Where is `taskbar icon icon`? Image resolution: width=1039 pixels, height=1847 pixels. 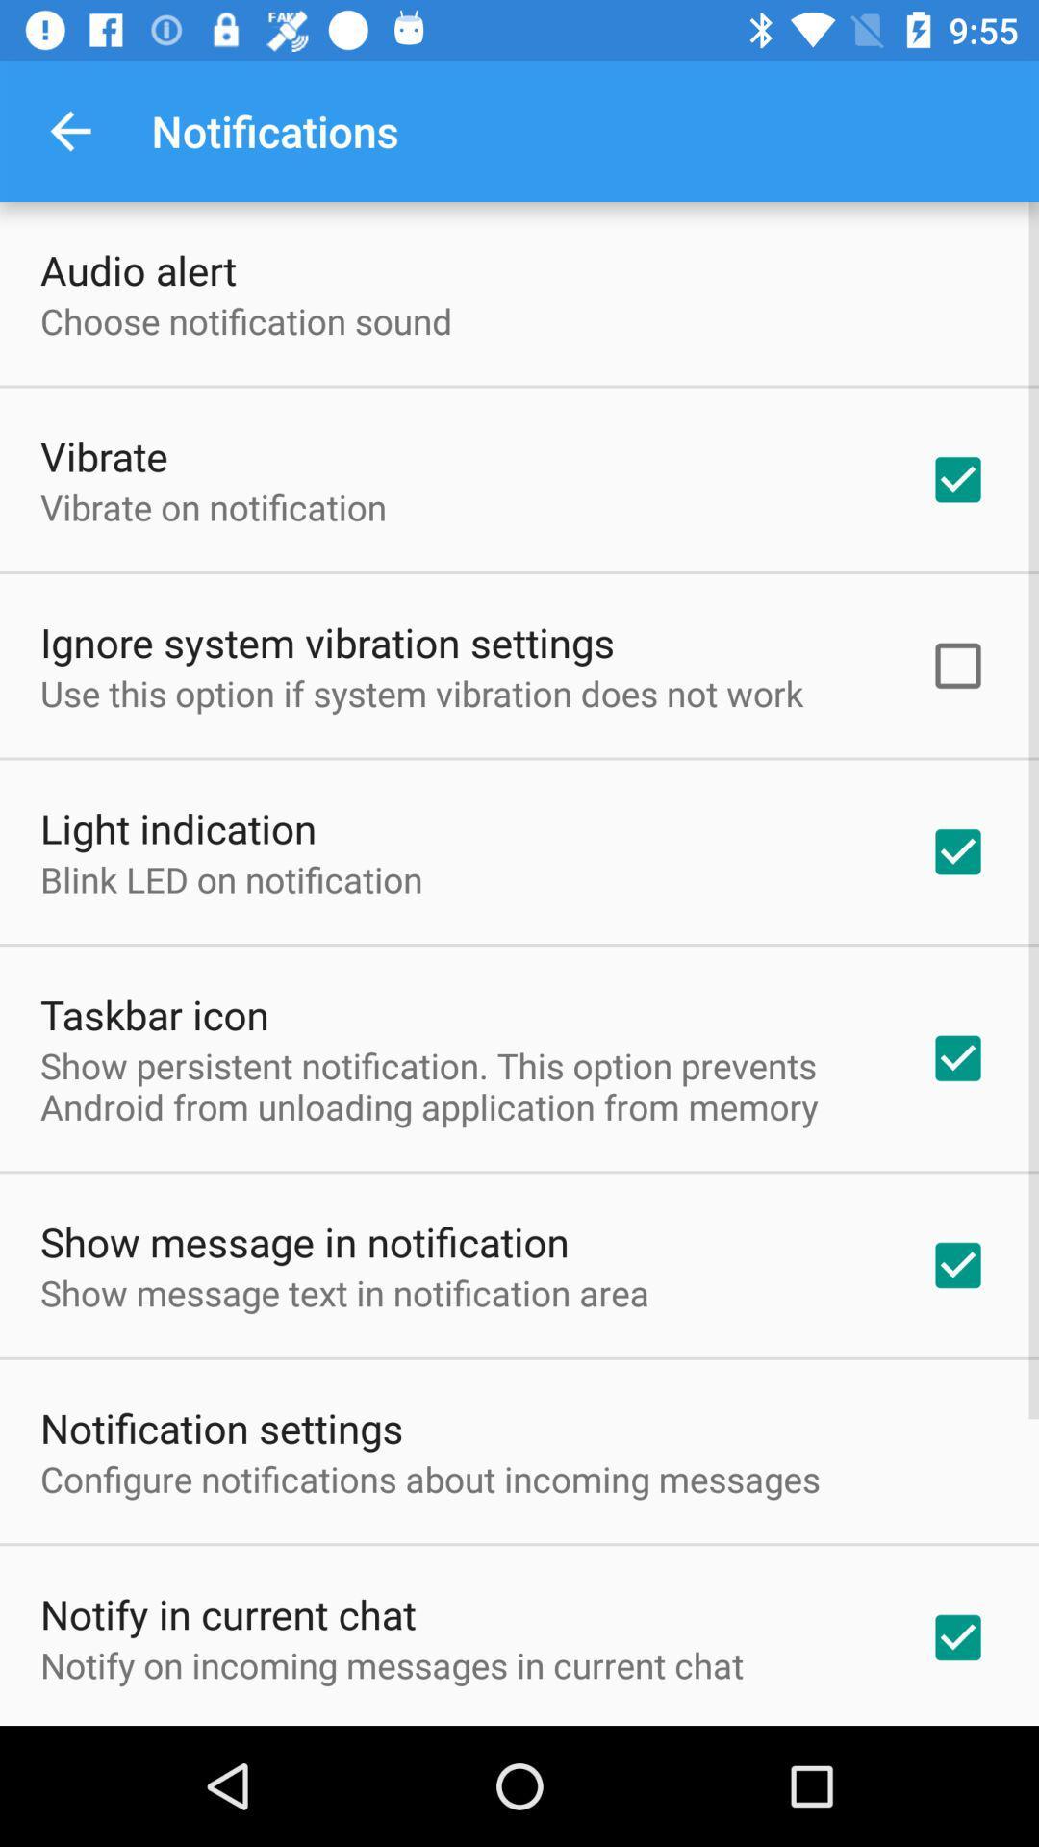 taskbar icon icon is located at coordinates (153, 1013).